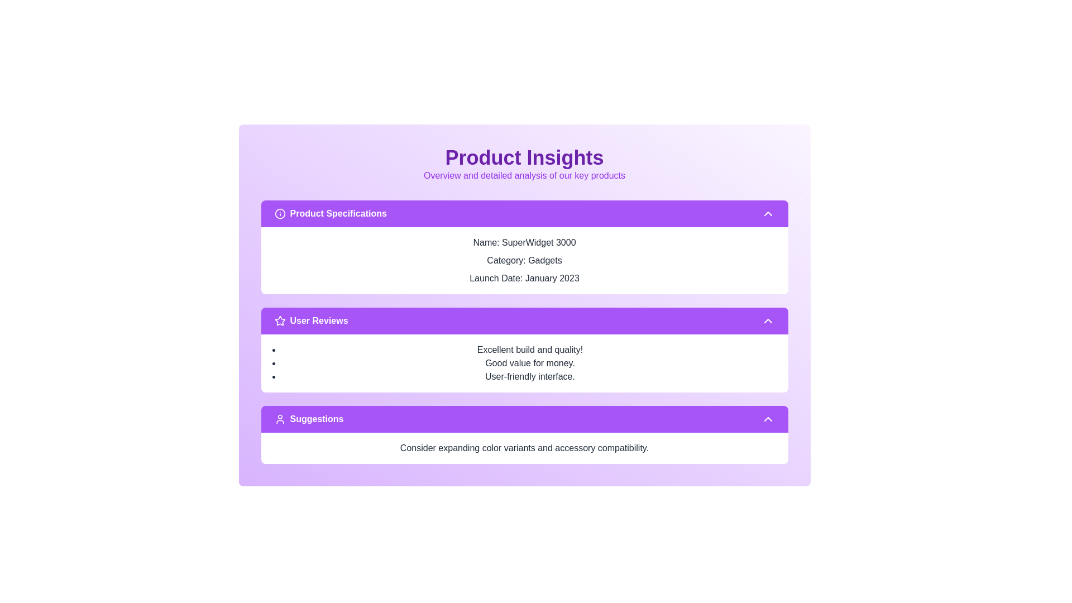 Image resolution: width=1072 pixels, height=603 pixels. What do you see at coordinates (524, 363) in the screenshot?
I see `the review section containing user comments with a white background and bullet points, located below the 'User Reviews' header` at bounding box center [524, 363].